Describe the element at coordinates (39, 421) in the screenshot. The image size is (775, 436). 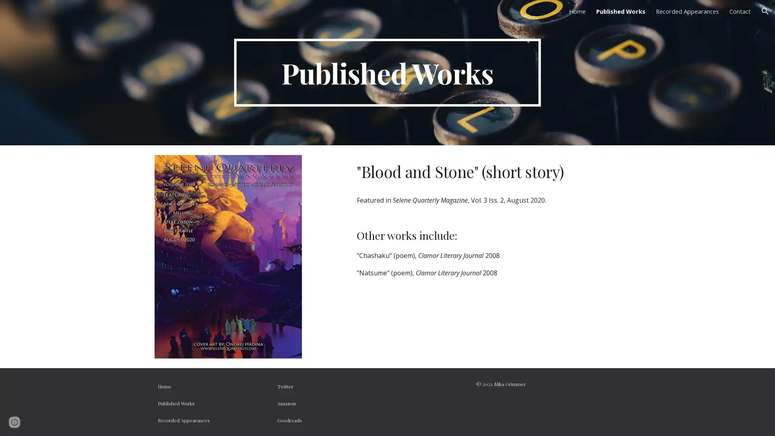
I see `Google Sites` at that location.